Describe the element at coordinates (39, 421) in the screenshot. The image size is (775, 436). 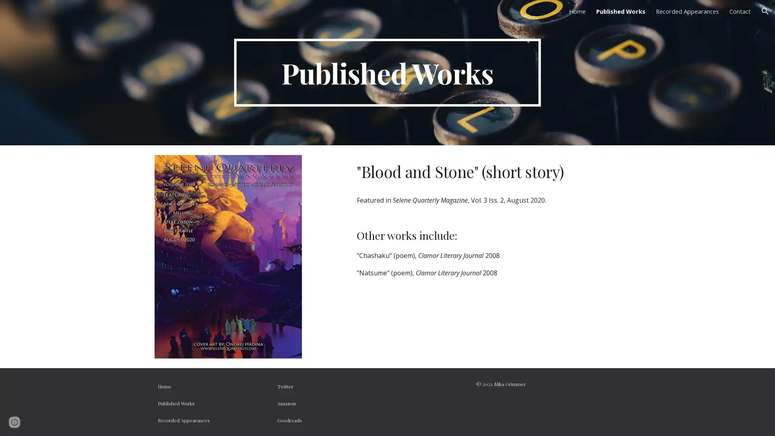
I see `Google Sites` at that location.